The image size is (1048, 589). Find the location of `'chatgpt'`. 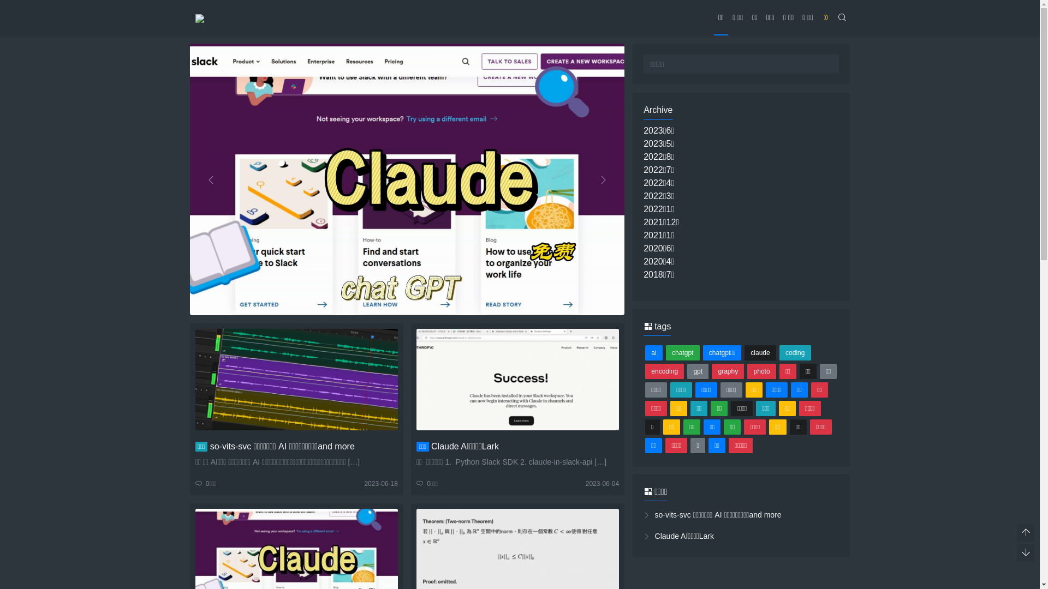

'chatgpt' is located at coordinates (665, 353).